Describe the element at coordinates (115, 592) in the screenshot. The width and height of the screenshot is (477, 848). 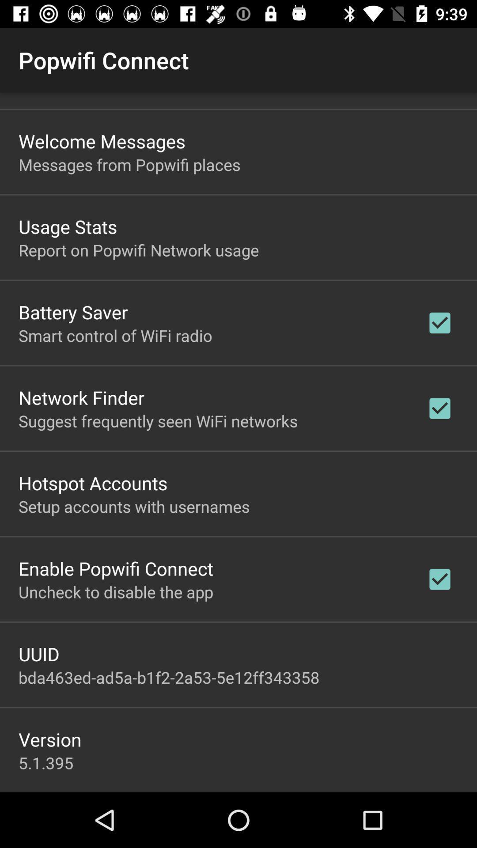
I see `the item below enable popwifi connect` at that location.